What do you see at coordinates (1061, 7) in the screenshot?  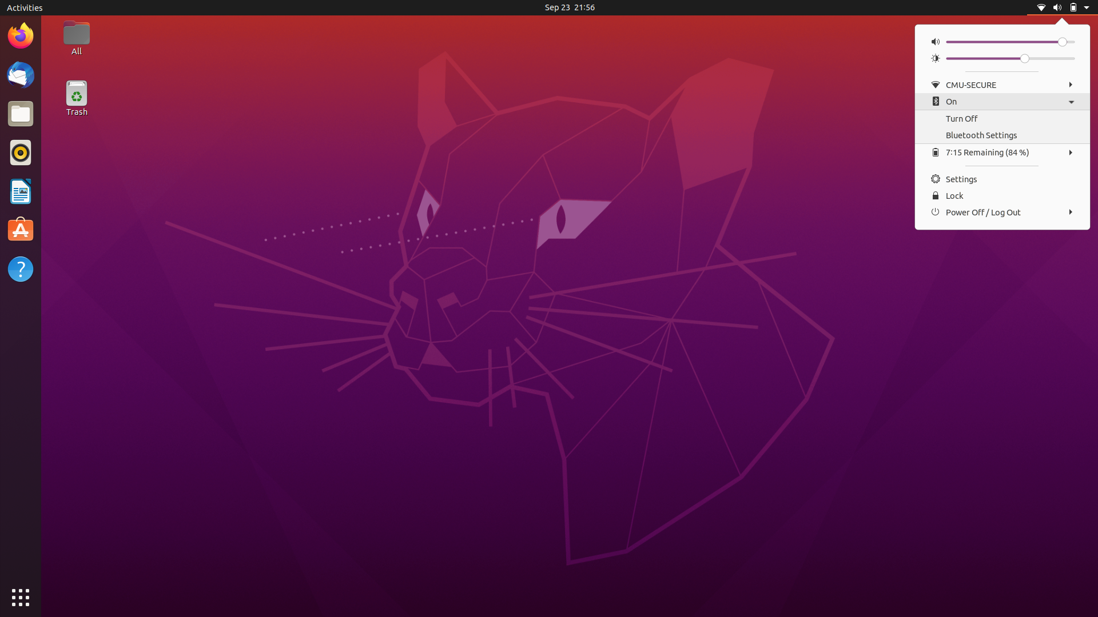 I see `Collapse Menu` at bounding box center [1061, 7].